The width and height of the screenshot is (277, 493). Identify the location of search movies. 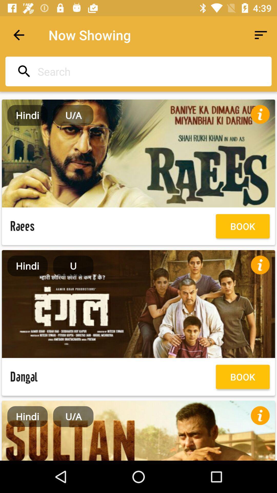
(137, 71).